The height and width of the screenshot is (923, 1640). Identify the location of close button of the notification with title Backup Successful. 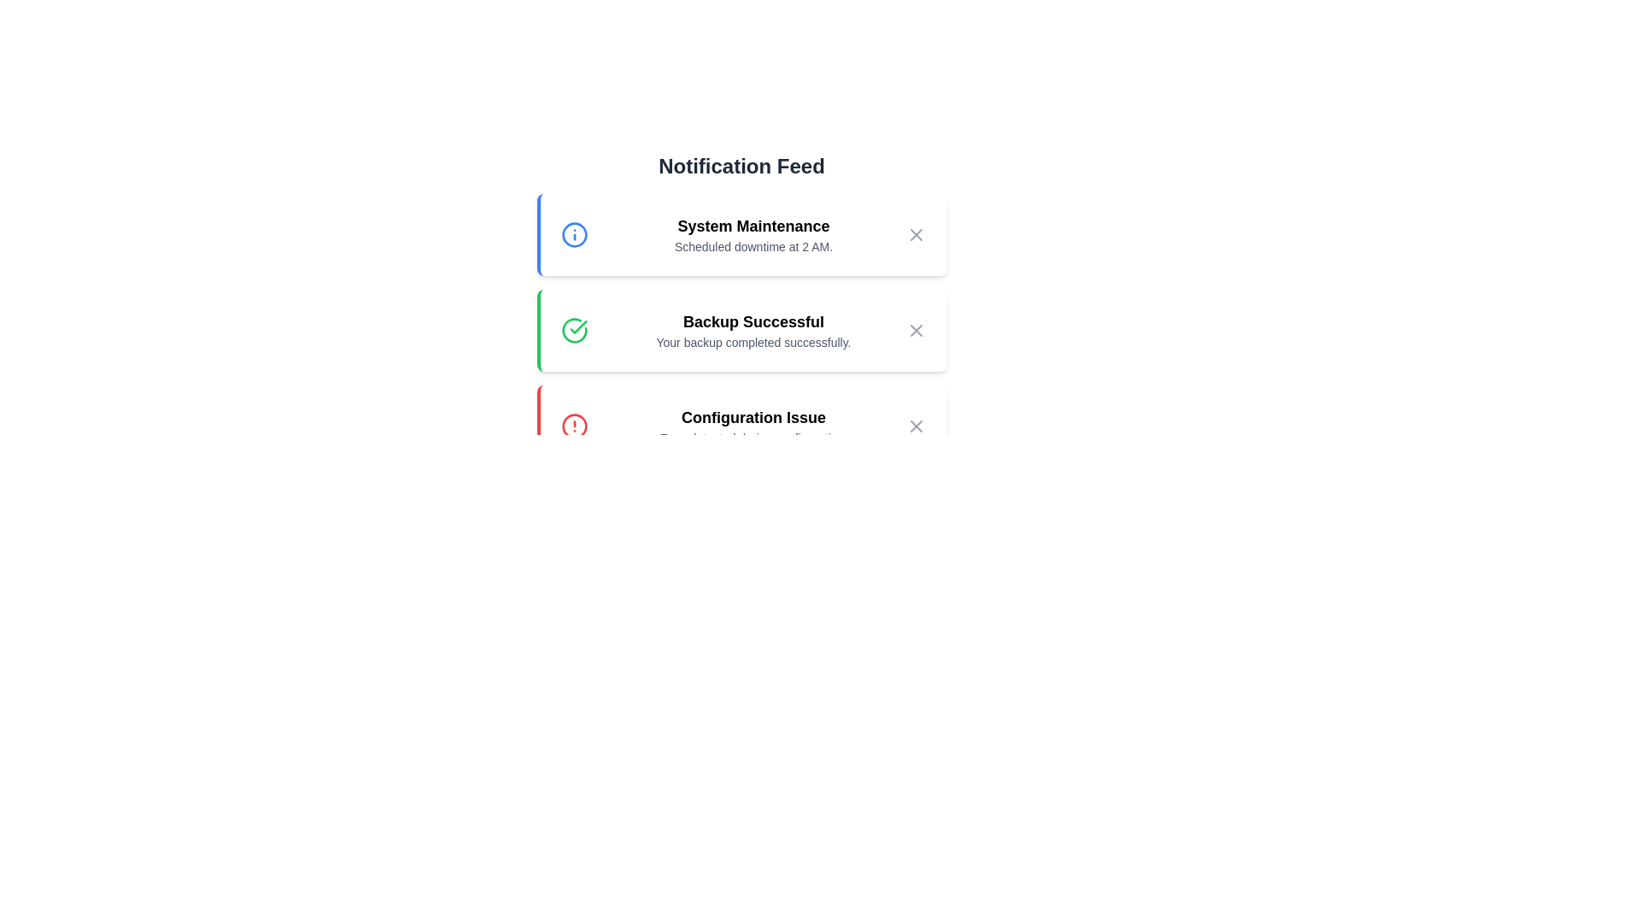
(915, 330).